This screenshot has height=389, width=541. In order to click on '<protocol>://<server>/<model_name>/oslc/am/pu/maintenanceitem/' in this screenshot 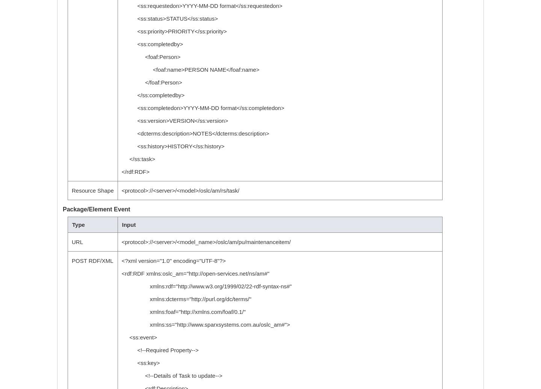, I will do `click(206, 242)`.